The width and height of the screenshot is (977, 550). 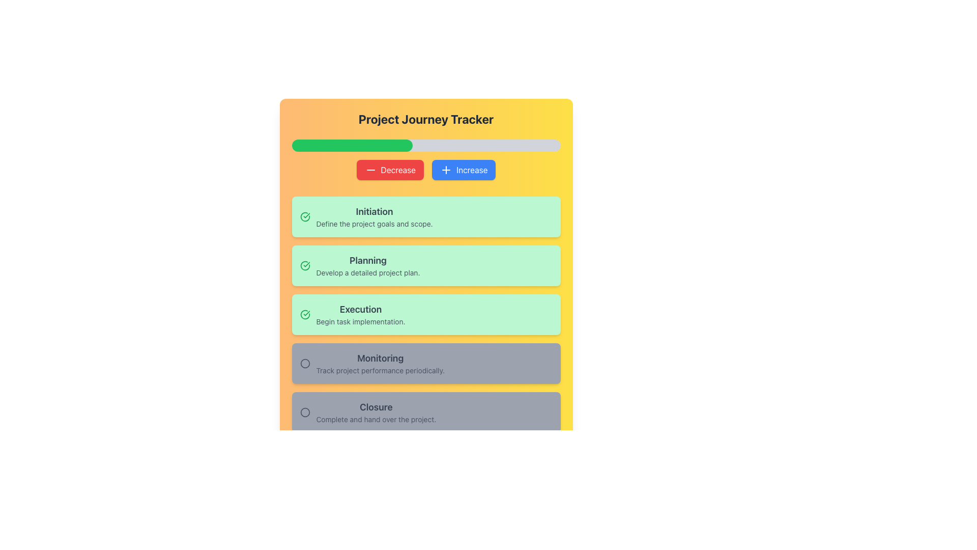 What do you see at coordinates (304, 216) in the screenshot?
I see `the green curved line segment that forms part of the checkmark SVG graphic located within the 'Planning' block` at bounding box center [304, 216].